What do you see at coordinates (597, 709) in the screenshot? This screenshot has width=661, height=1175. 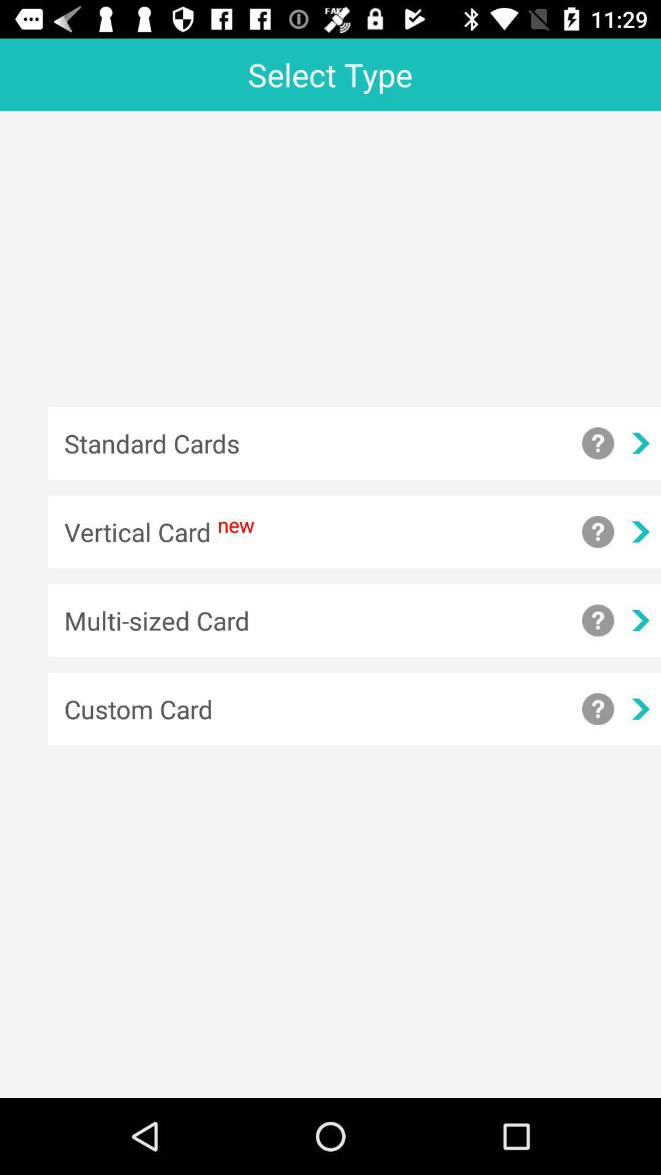 I see `get additional information about a custom card` at bounding box center [597, 709].